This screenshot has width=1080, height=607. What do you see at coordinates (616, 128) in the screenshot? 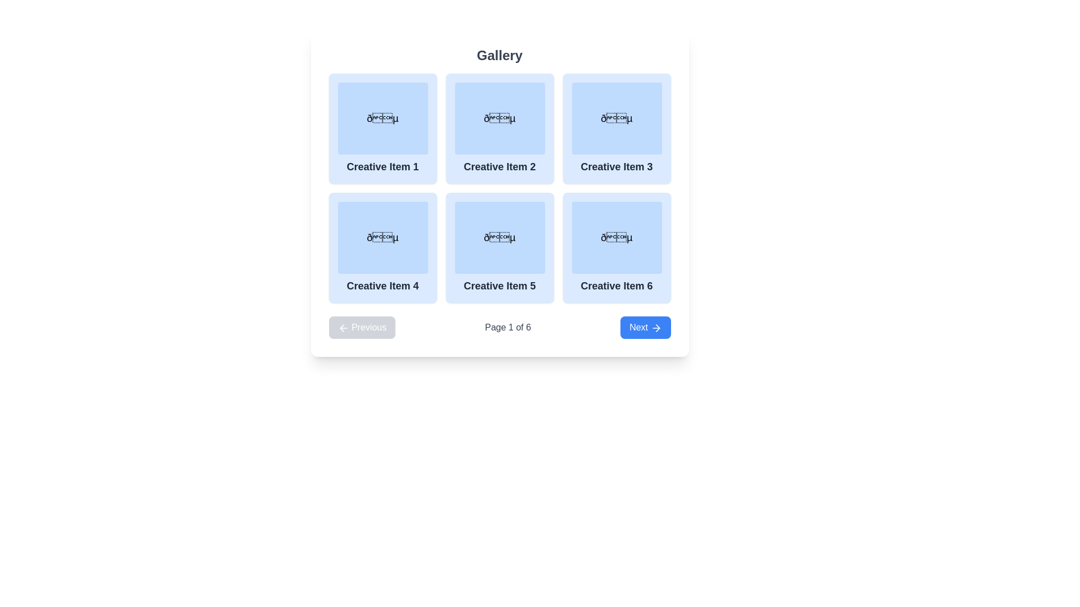
I see `the third card in the first row of the gallery` at bounding box center [616, 128].